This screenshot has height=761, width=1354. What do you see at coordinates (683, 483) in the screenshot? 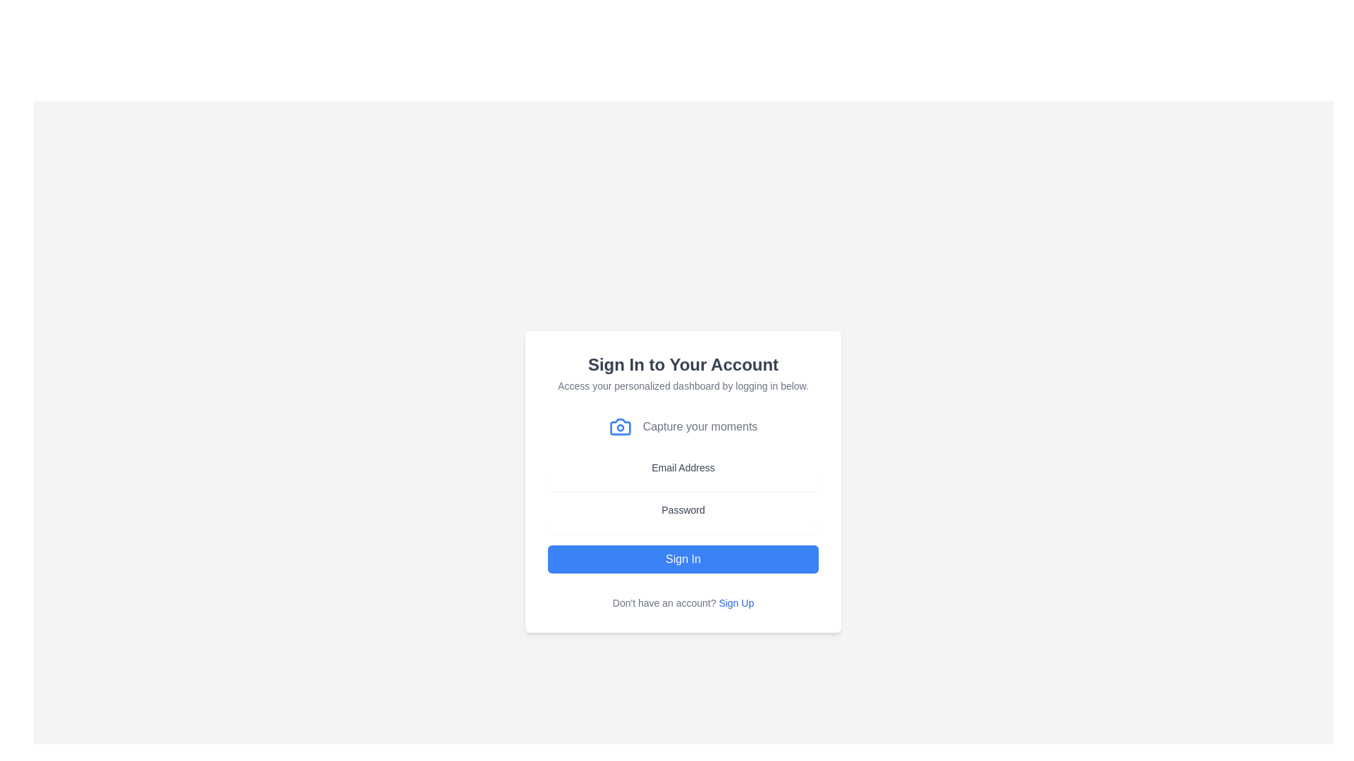
I see `the text input field for email address by tabbing to it from the previous input field` at bounding box center [683, 483].